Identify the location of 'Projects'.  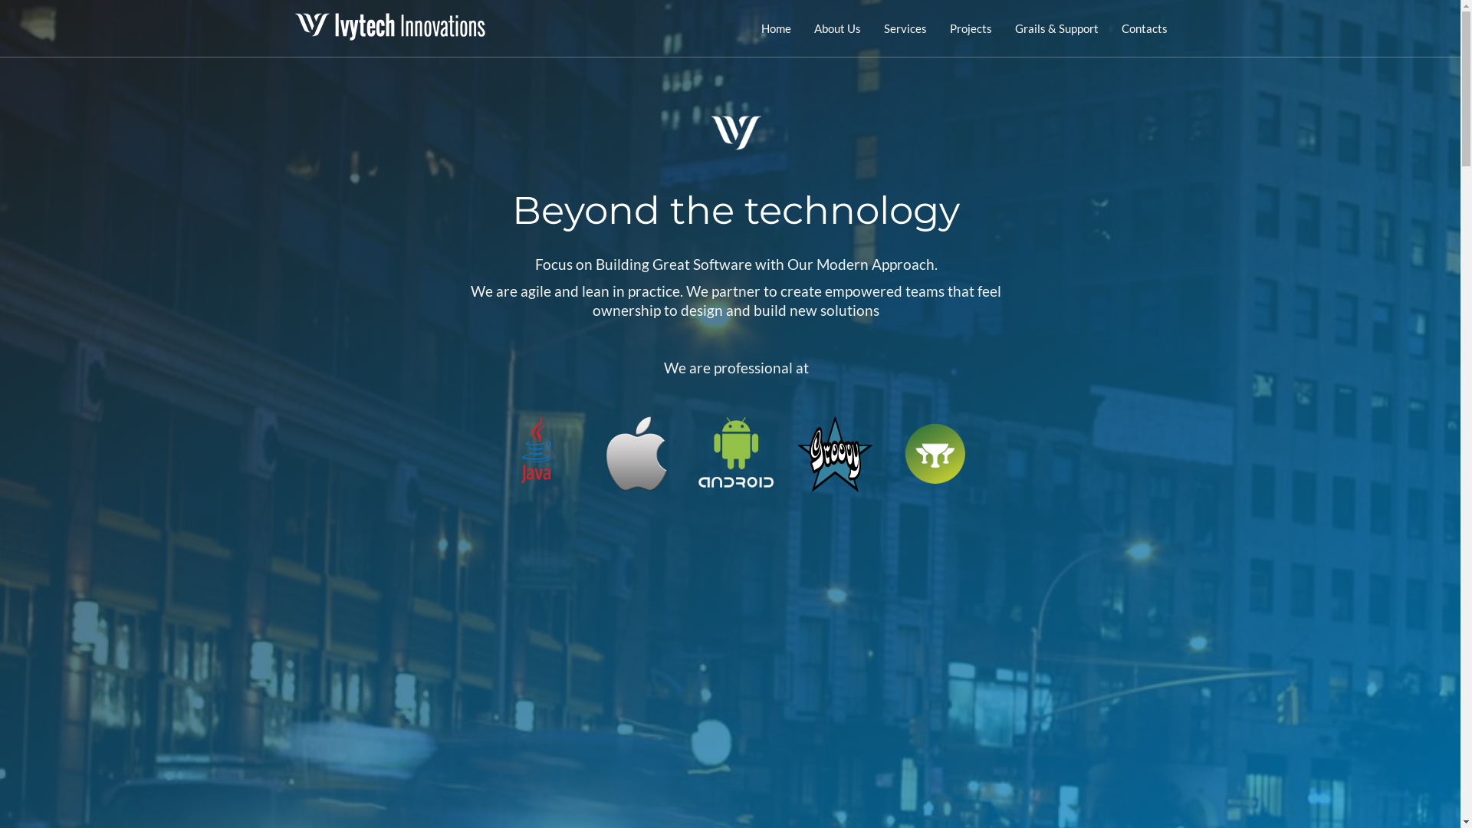
(938, 28).